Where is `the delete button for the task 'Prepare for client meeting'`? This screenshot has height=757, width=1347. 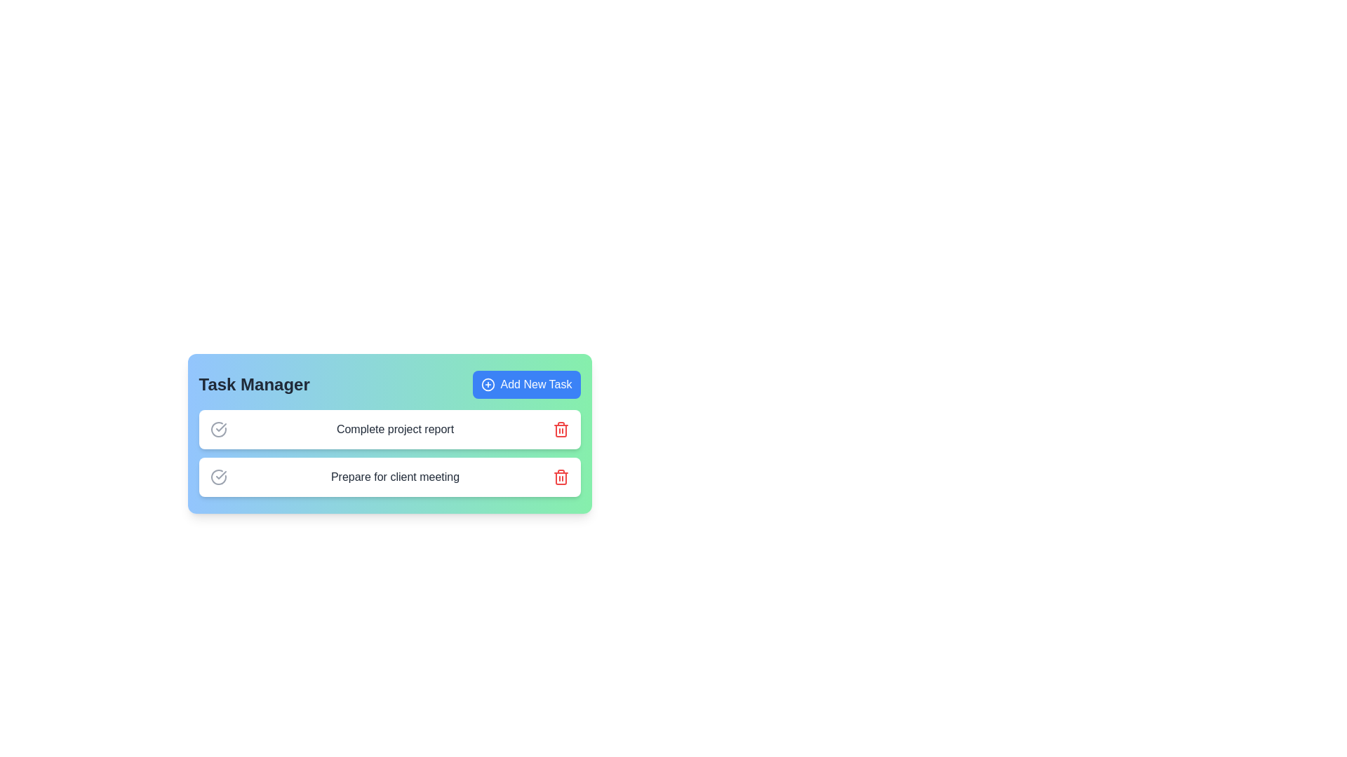 the delete button for the task 'Prepare for client meeting' is located at coordinates (560, 477).